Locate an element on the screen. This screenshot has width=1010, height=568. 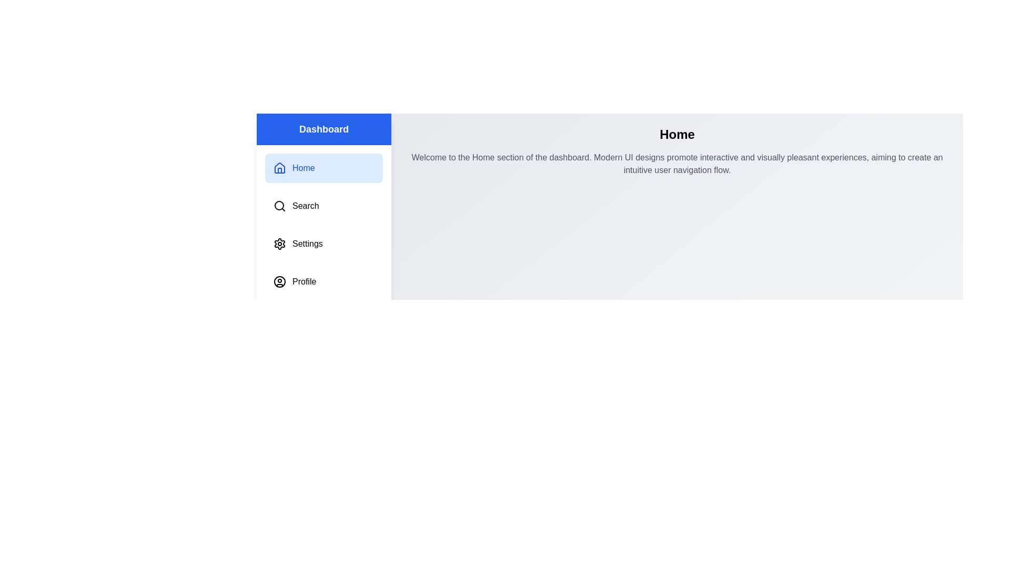
the menu item labeled Profile is located at coordinates (323, 281).